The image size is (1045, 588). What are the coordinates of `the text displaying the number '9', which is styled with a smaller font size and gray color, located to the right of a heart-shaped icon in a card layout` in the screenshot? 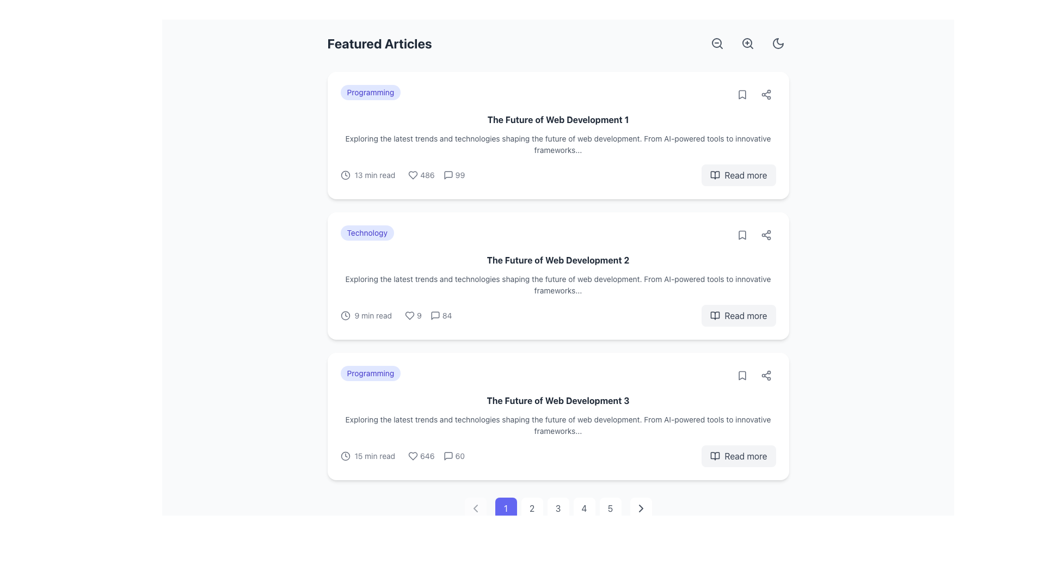 It's located at (419, 315).